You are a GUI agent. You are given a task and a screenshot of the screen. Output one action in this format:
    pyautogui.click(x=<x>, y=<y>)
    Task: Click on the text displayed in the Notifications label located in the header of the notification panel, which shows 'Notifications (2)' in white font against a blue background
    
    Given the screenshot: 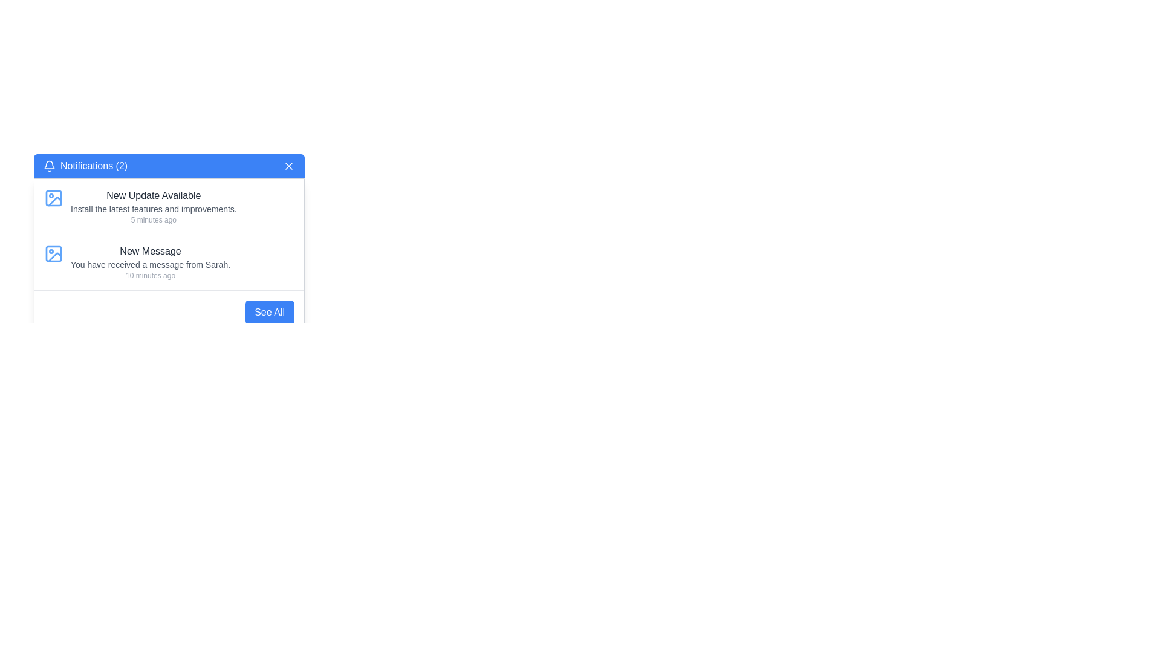 What is the action you would take?
    pyautogui.click(x=93, y=166)
    